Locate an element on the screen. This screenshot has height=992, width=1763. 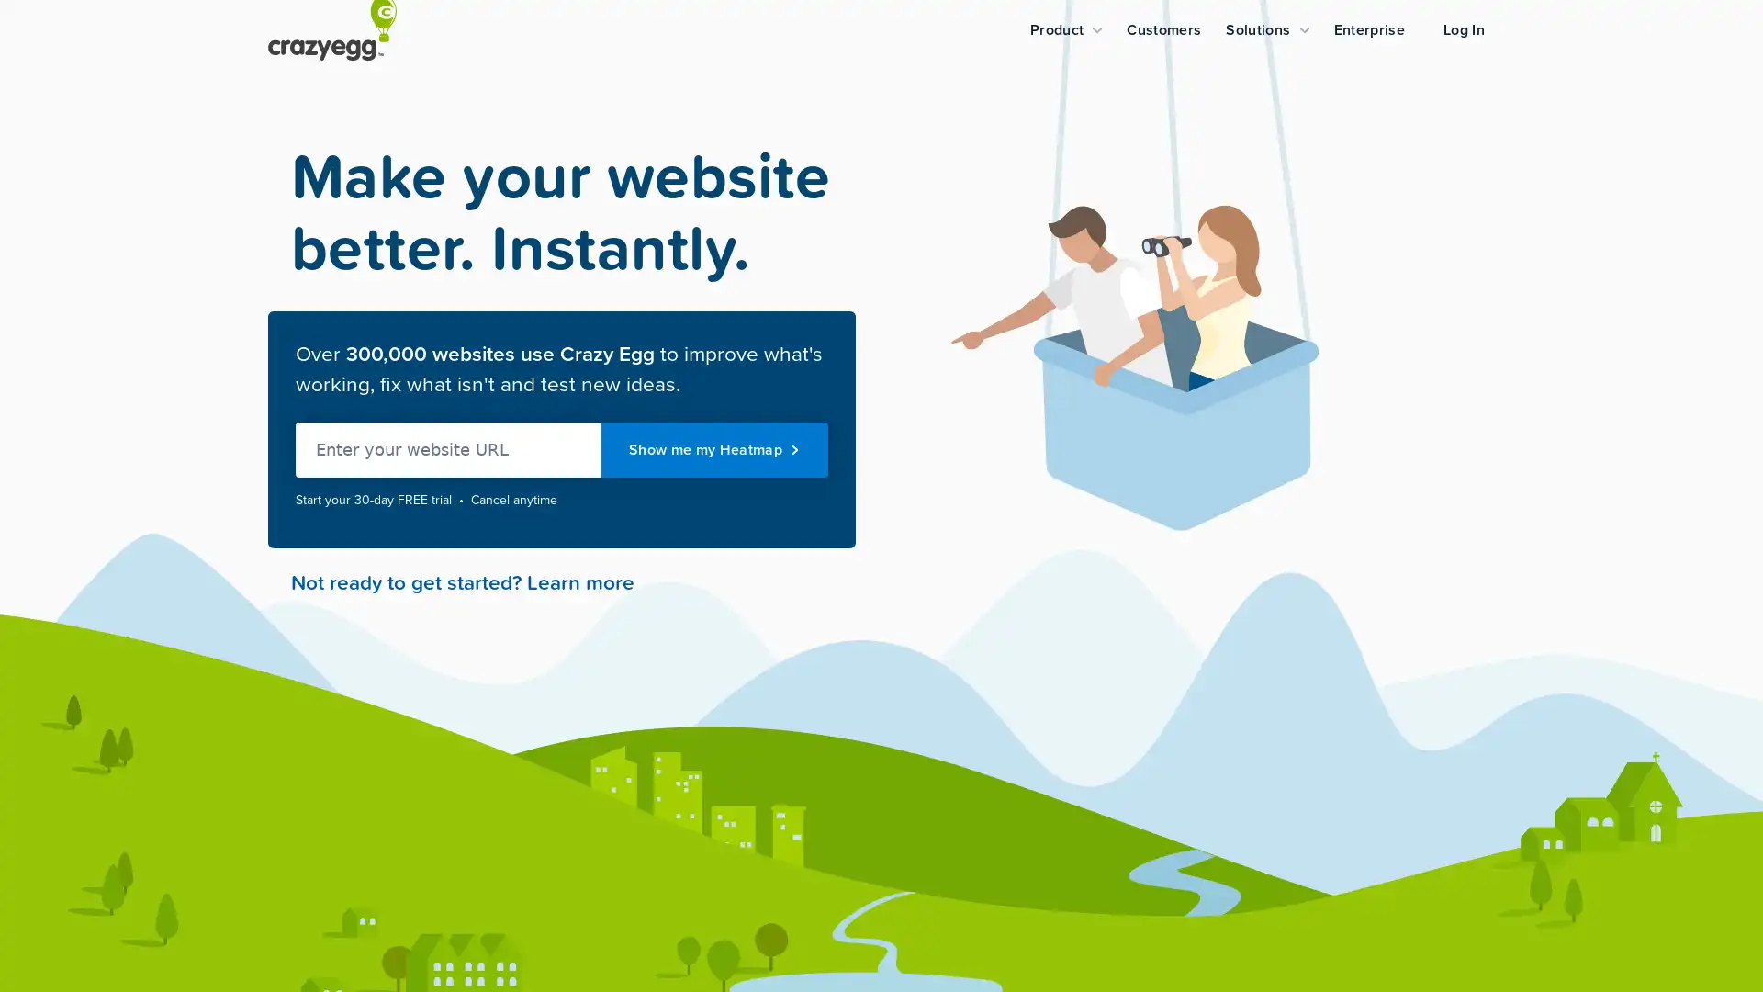
Not ready to get started? Learn more is located at coordinates (463, 581).